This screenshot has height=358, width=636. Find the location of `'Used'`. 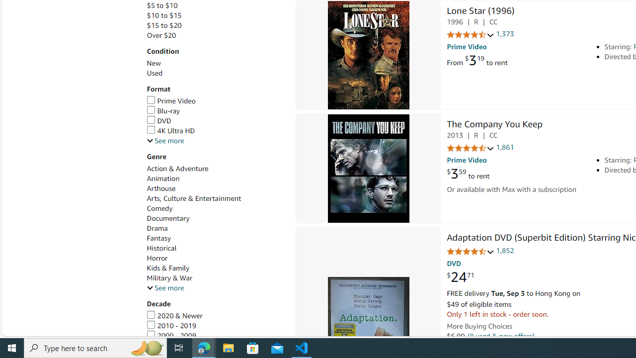

'Used' is located at coordinates (215, 73).